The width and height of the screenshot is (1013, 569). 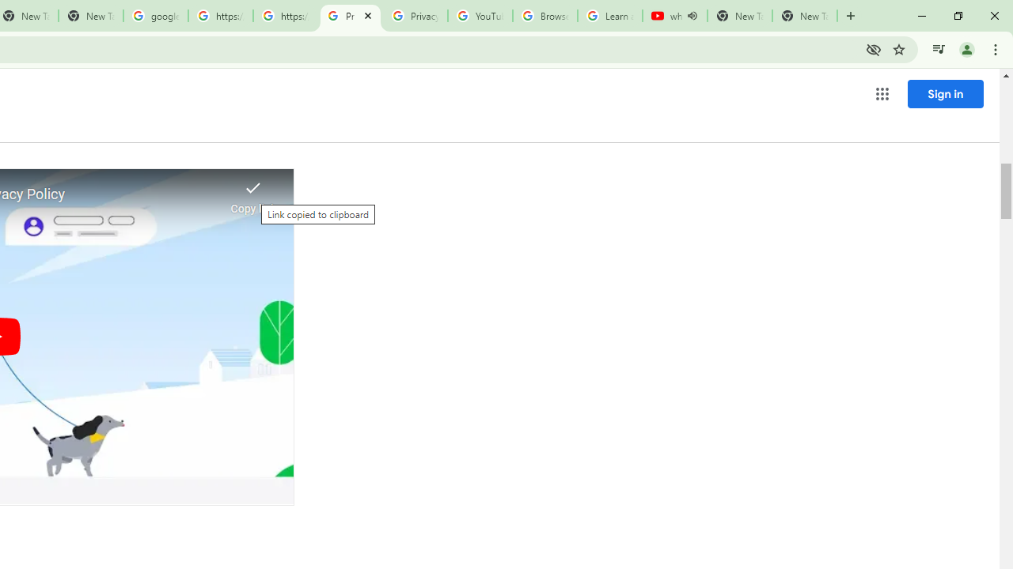 I want to click on 'Mute tab', so click(x=692, y=16).